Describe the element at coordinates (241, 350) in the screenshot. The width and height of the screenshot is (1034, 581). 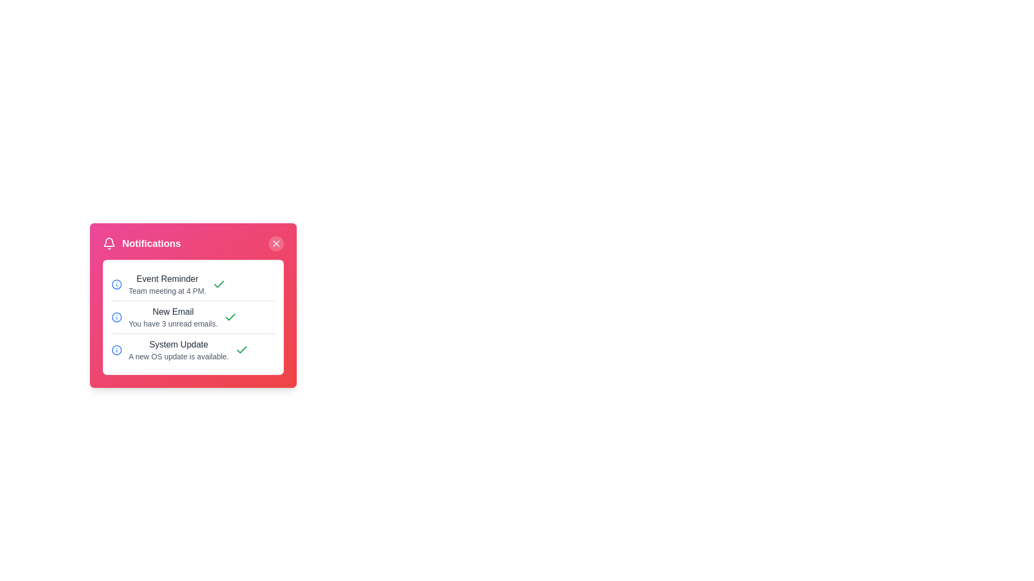
I see `the green checkmark icon located at the far-right corner of the 'System Update' notification card` at that location.